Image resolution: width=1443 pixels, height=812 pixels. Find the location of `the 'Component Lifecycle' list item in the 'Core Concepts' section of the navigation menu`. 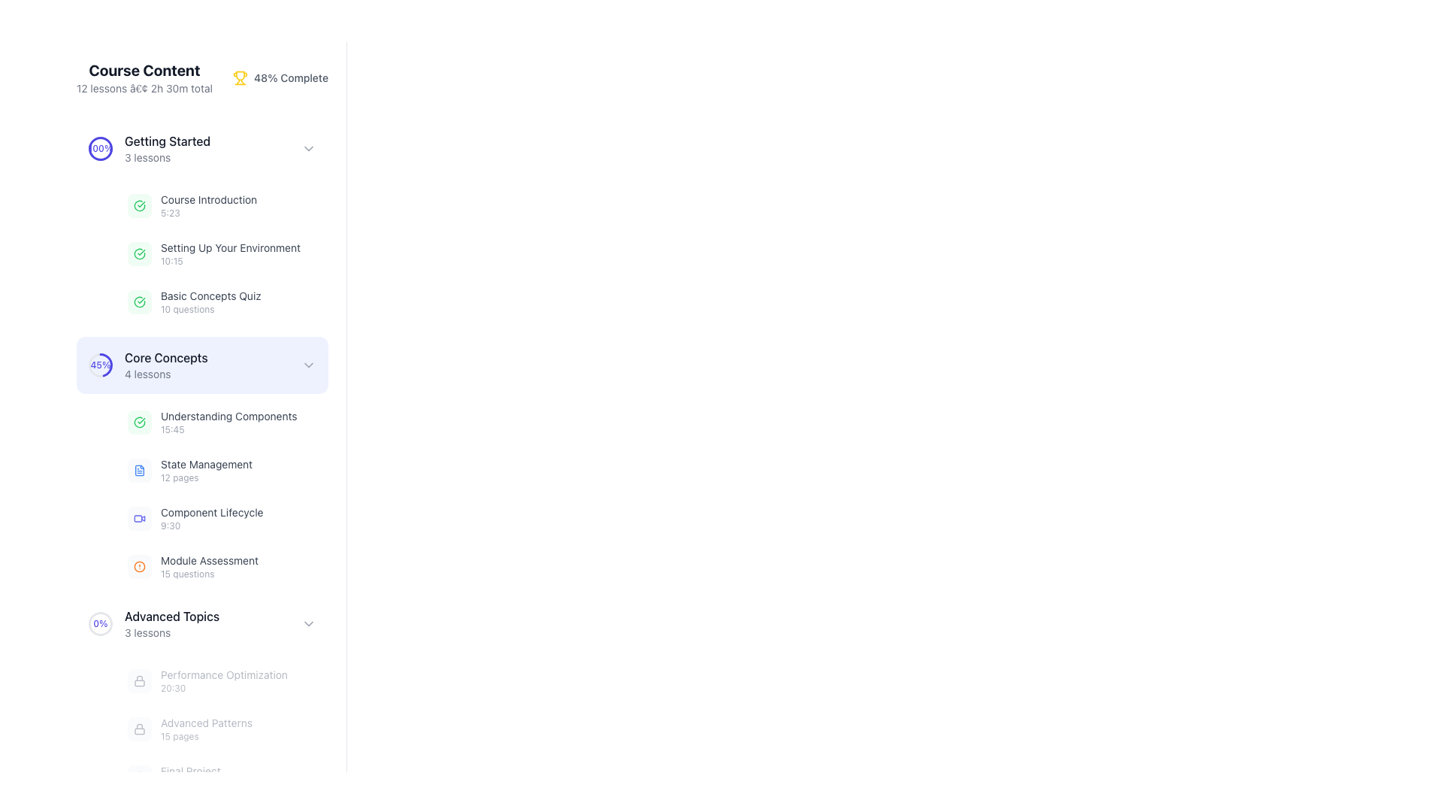

the 'Component Lifecycle' list item in the 'Core Concepts' section of the navigation menu is located at coordinates (211, 518).